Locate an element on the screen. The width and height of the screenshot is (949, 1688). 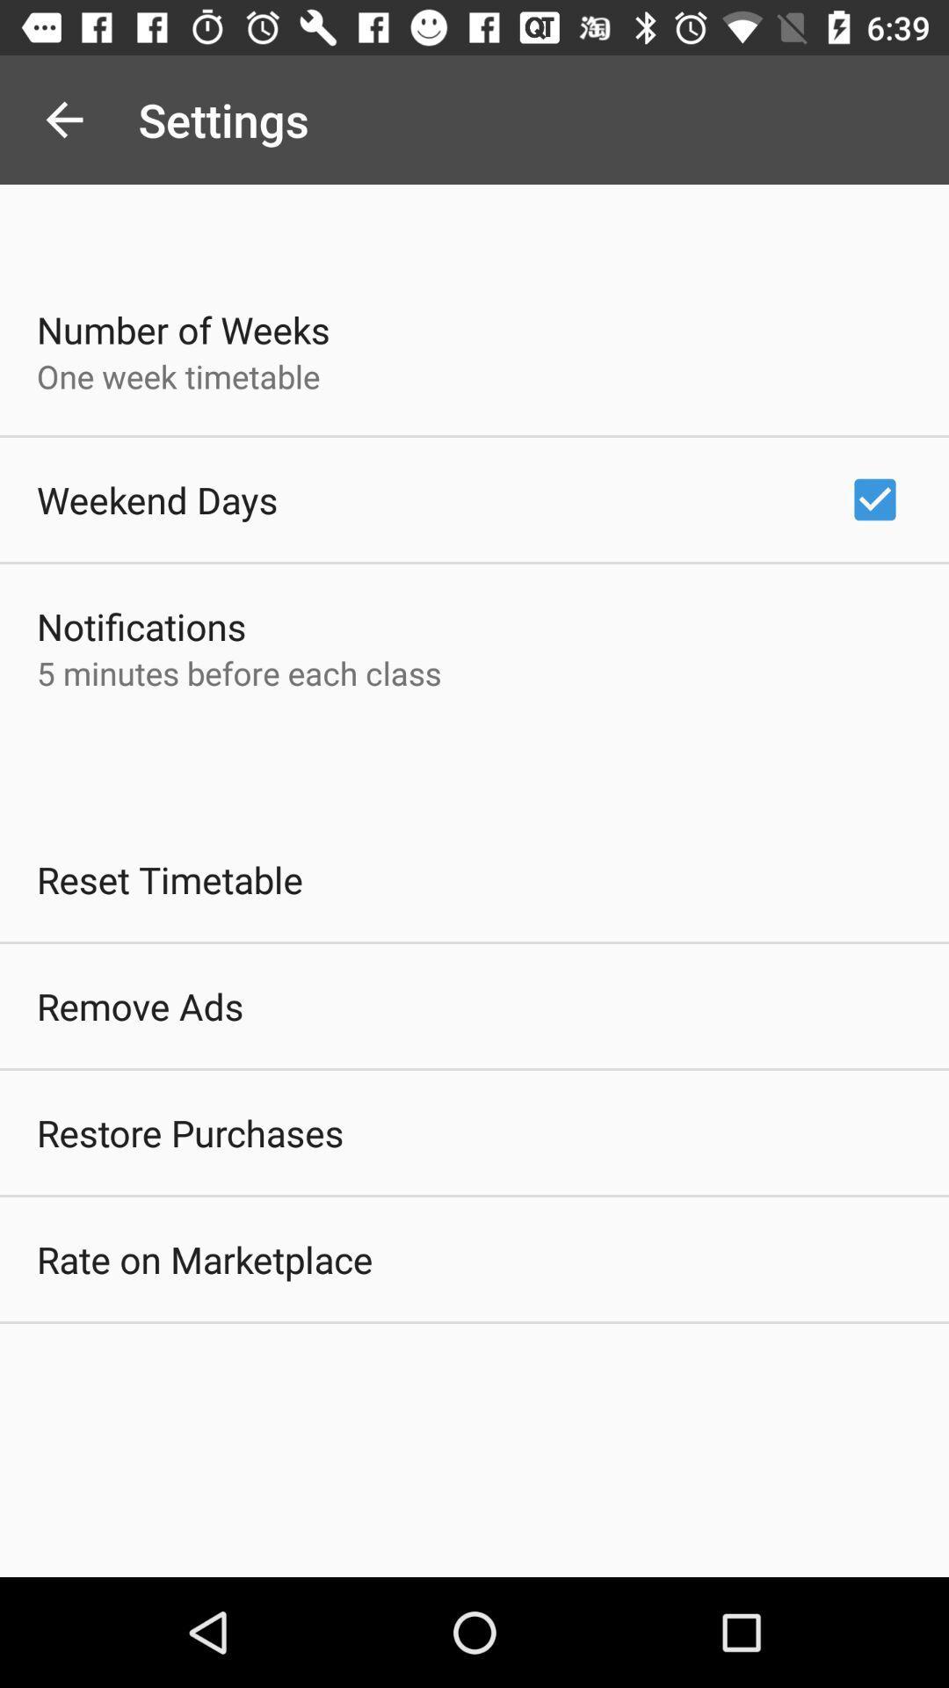
the app above the number of weeks is located at coordinates (63, 119).